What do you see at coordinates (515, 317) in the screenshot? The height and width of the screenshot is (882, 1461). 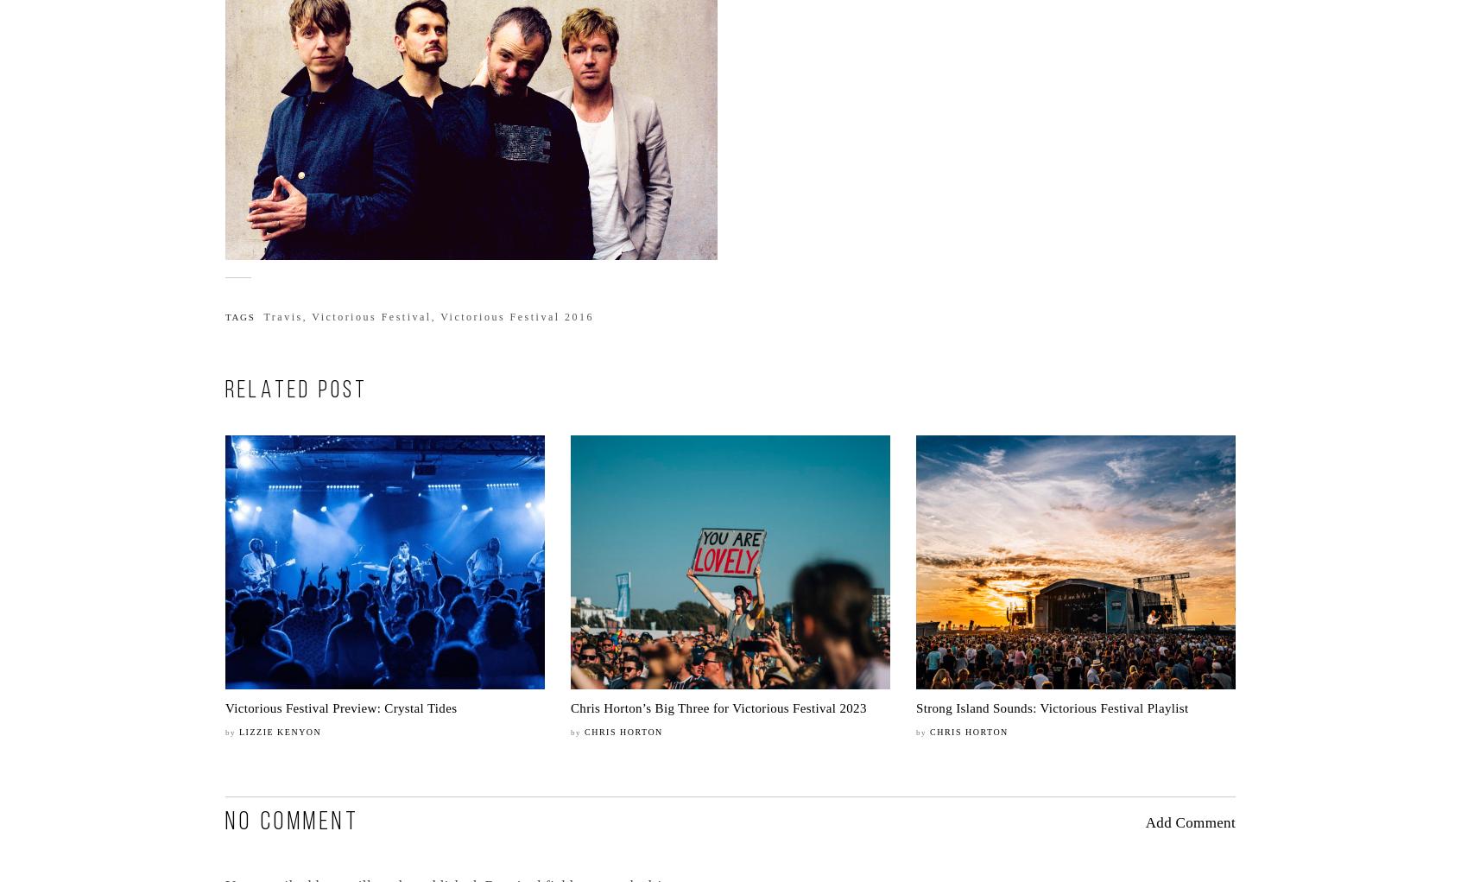 I see `'Victorious Festival 2016'` at bounding box center [515, 317].